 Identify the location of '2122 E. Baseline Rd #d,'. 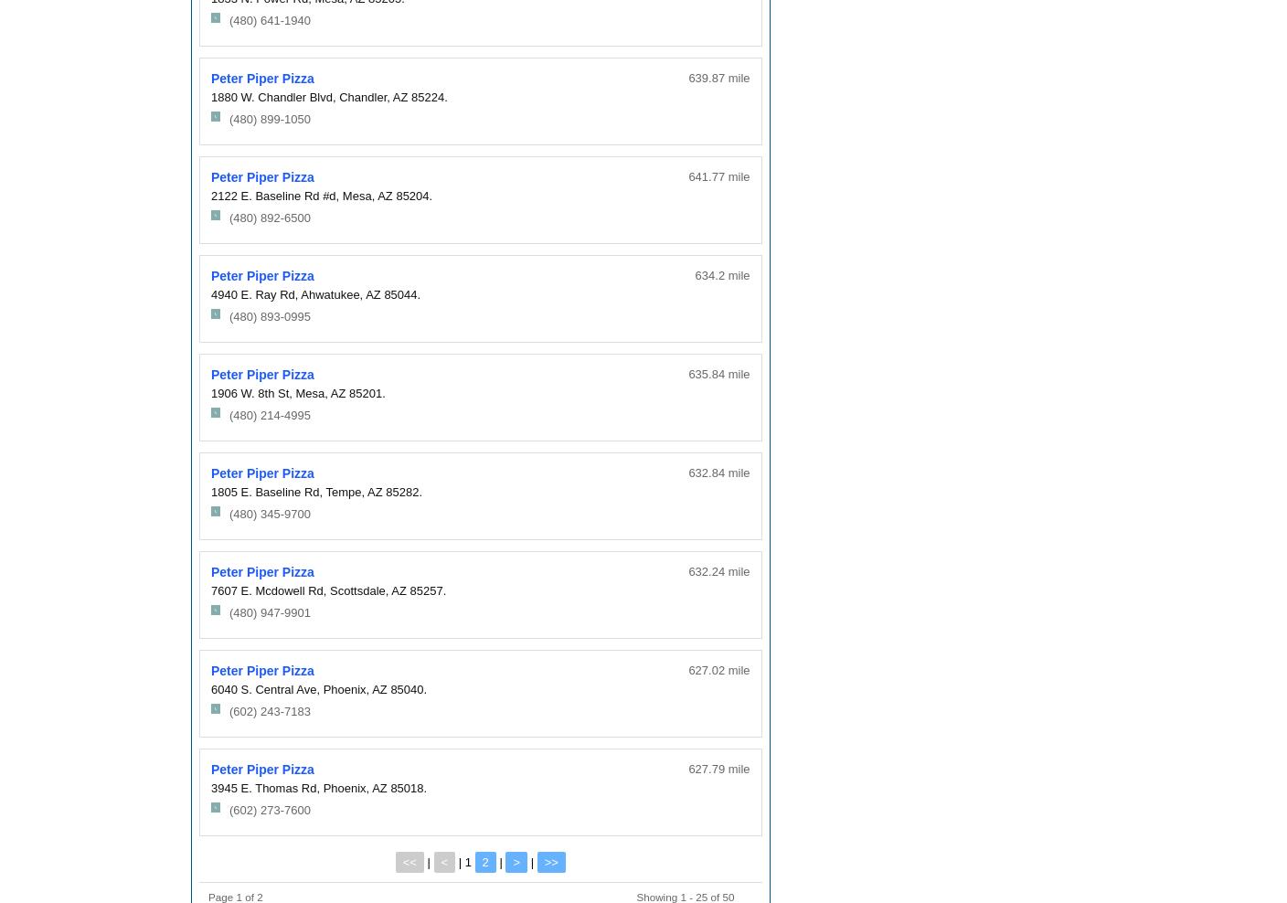
(275, 195).